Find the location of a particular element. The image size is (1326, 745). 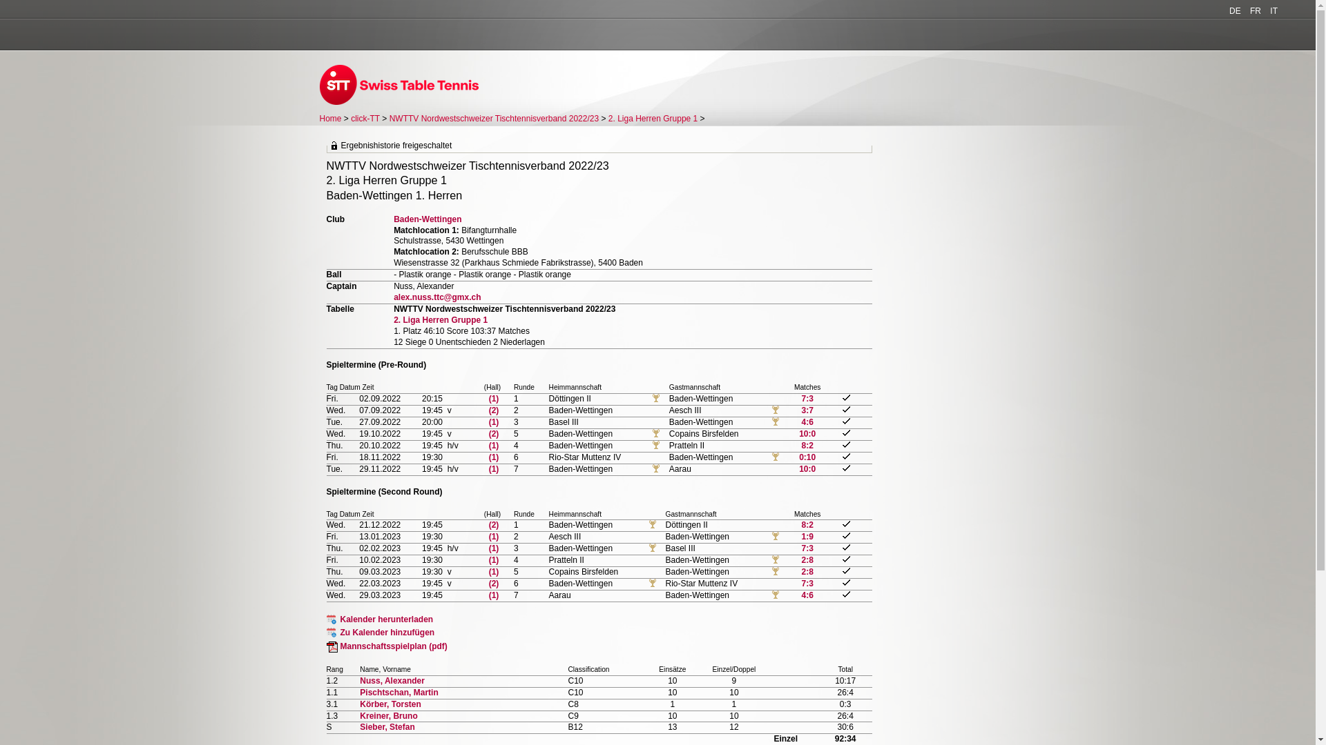

'(2)' is located at coordinates (494, 524).